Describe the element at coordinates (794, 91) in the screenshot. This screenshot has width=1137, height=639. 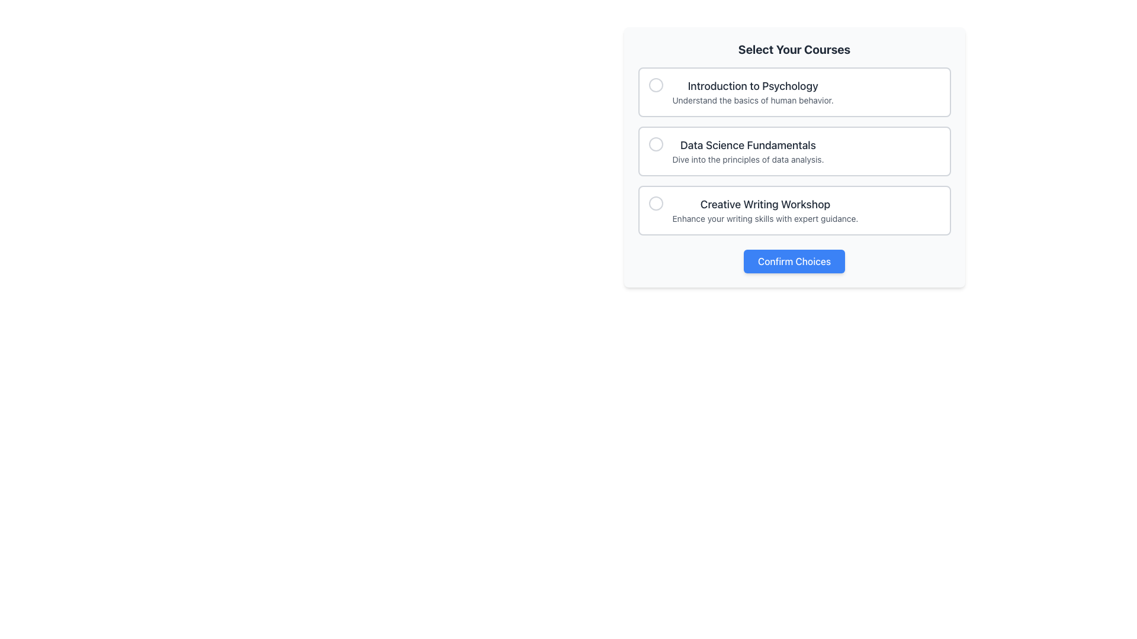
I see `the 'Introduction to Psychology' selection option` at that location.